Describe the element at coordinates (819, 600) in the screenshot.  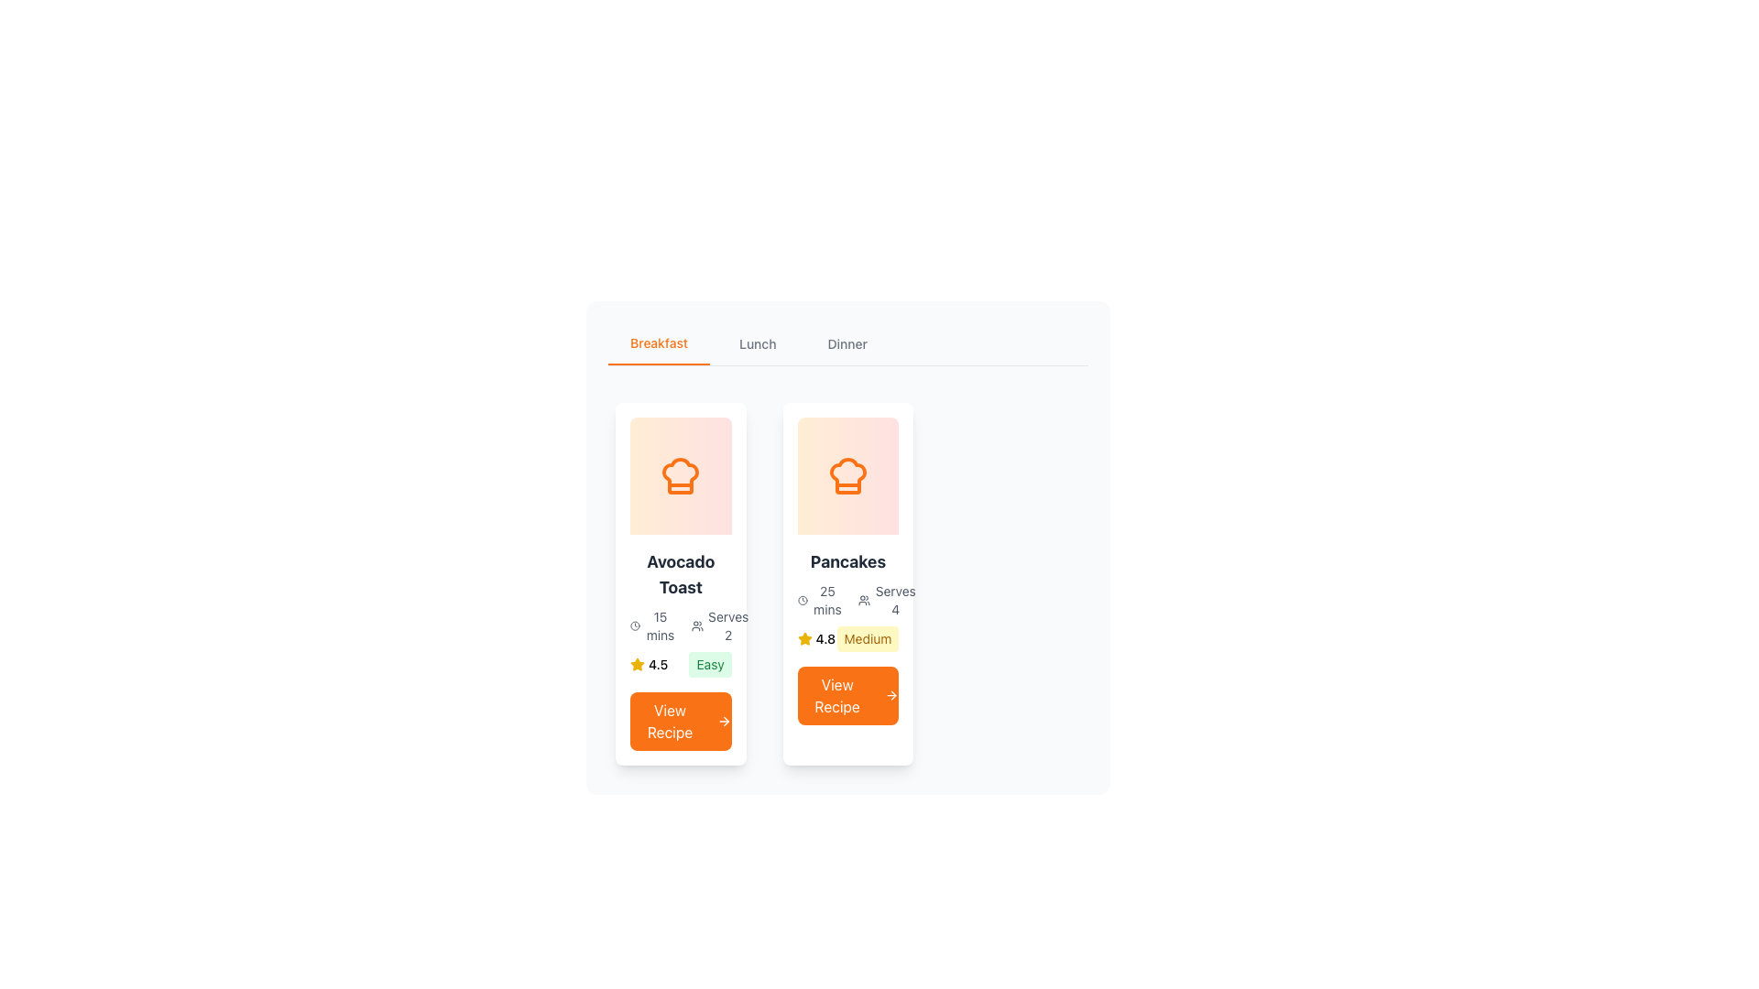
I see `the time displayed on the Time indicator with a clock icon and the text '25 mins', located within the 'Pancakes' card` at that location.